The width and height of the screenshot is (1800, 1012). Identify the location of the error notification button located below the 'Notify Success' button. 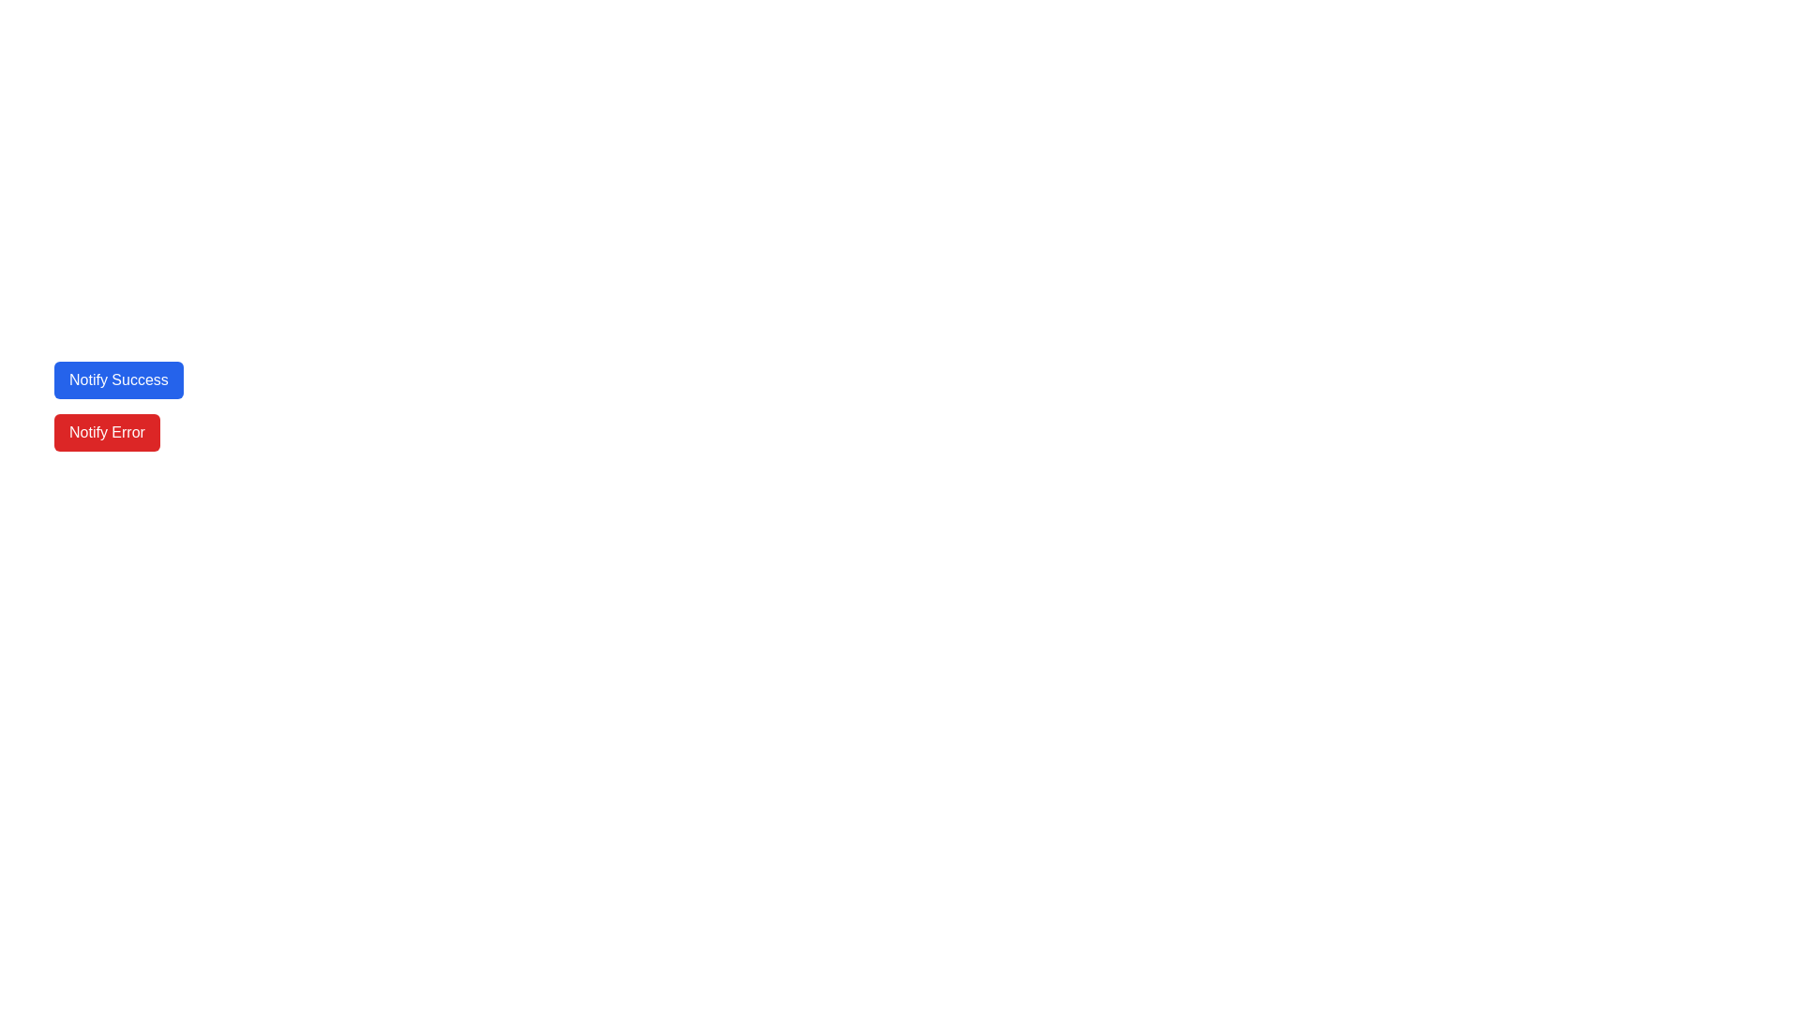
(106, 433).